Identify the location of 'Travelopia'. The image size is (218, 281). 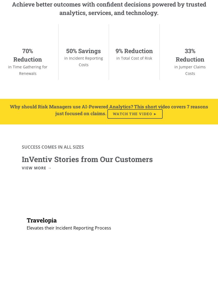
(41, 220).